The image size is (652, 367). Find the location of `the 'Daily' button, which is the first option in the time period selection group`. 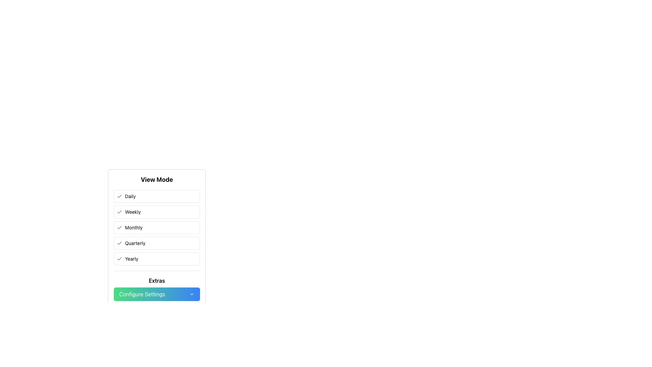

the 'Daily' button, which is the first option in the time period selection group is located at coordinates (156, 196).